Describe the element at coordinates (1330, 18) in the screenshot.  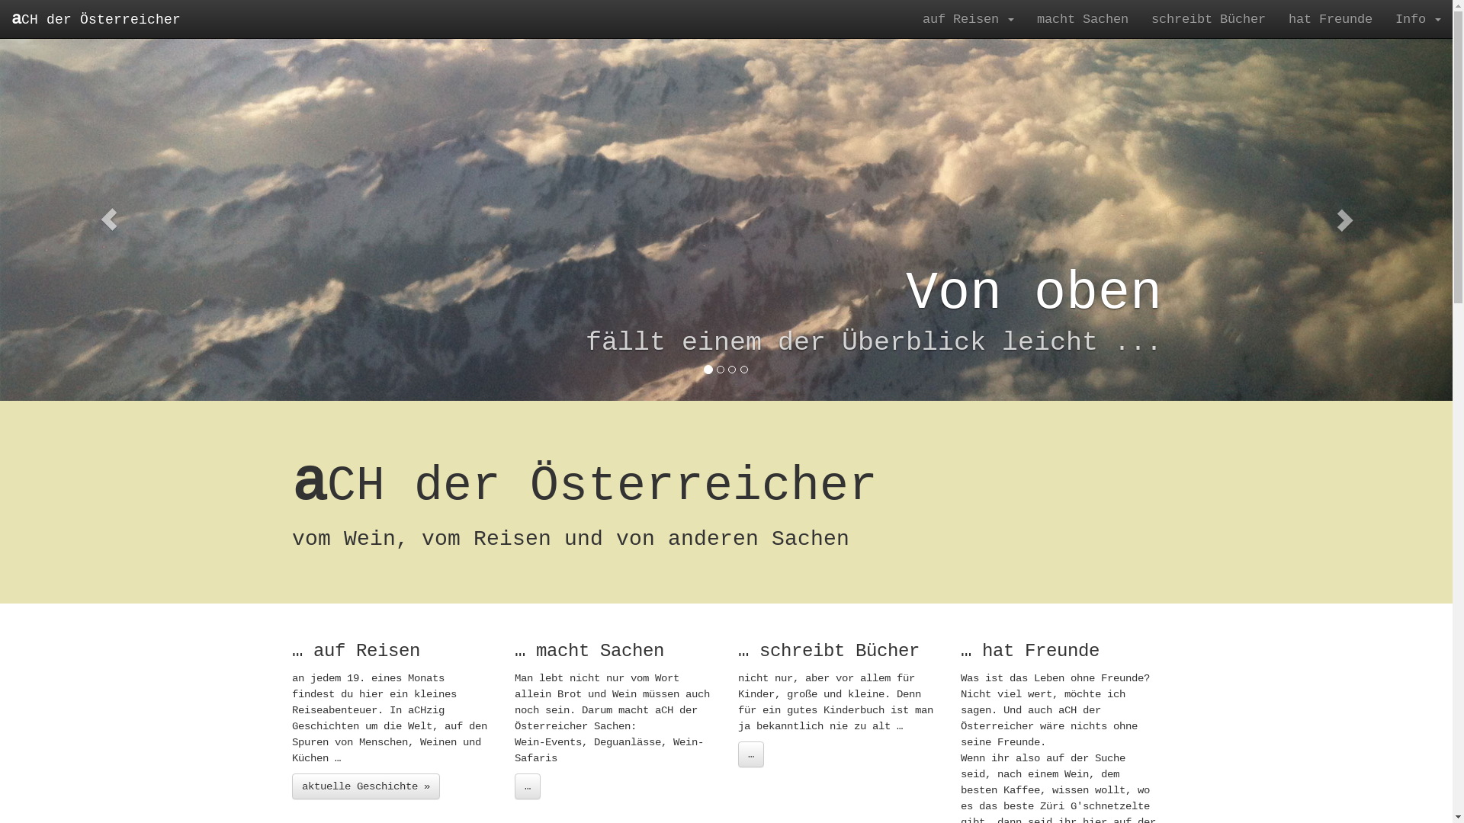
I see `'hat Freunde'` at that location.